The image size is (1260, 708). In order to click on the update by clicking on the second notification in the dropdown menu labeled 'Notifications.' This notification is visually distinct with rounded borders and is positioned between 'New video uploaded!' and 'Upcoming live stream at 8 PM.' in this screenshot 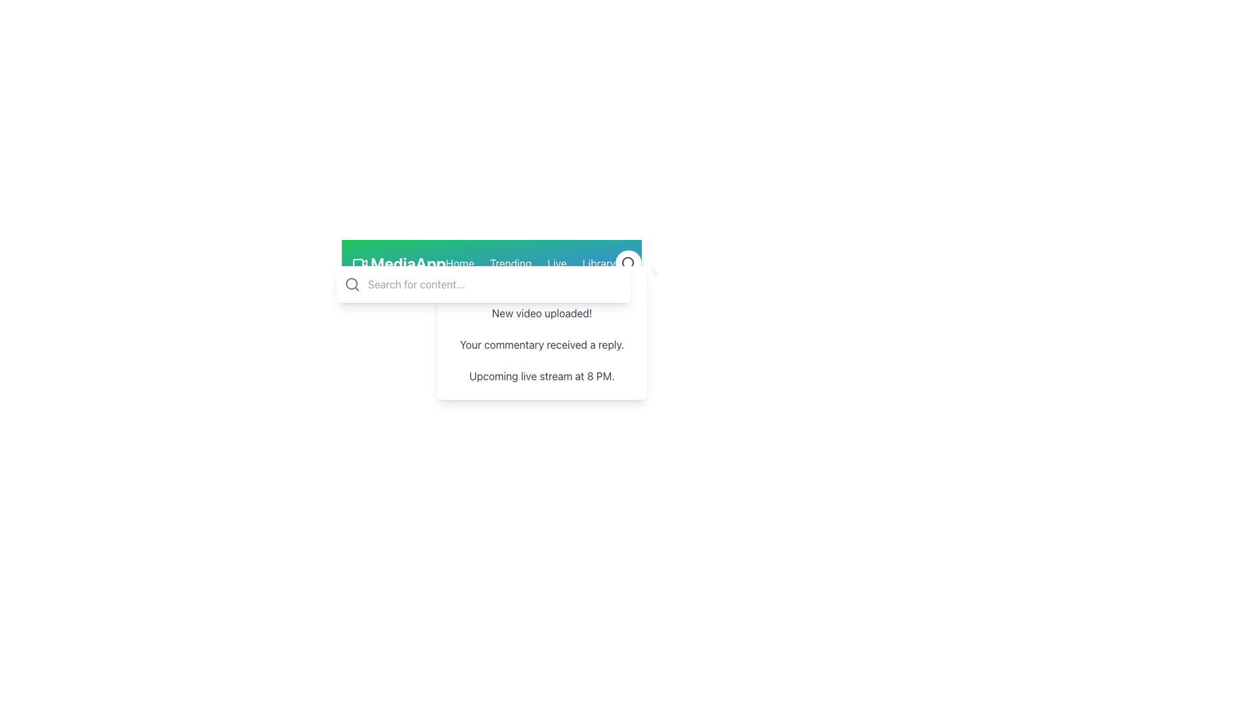, I will do `click(541, 344)`.